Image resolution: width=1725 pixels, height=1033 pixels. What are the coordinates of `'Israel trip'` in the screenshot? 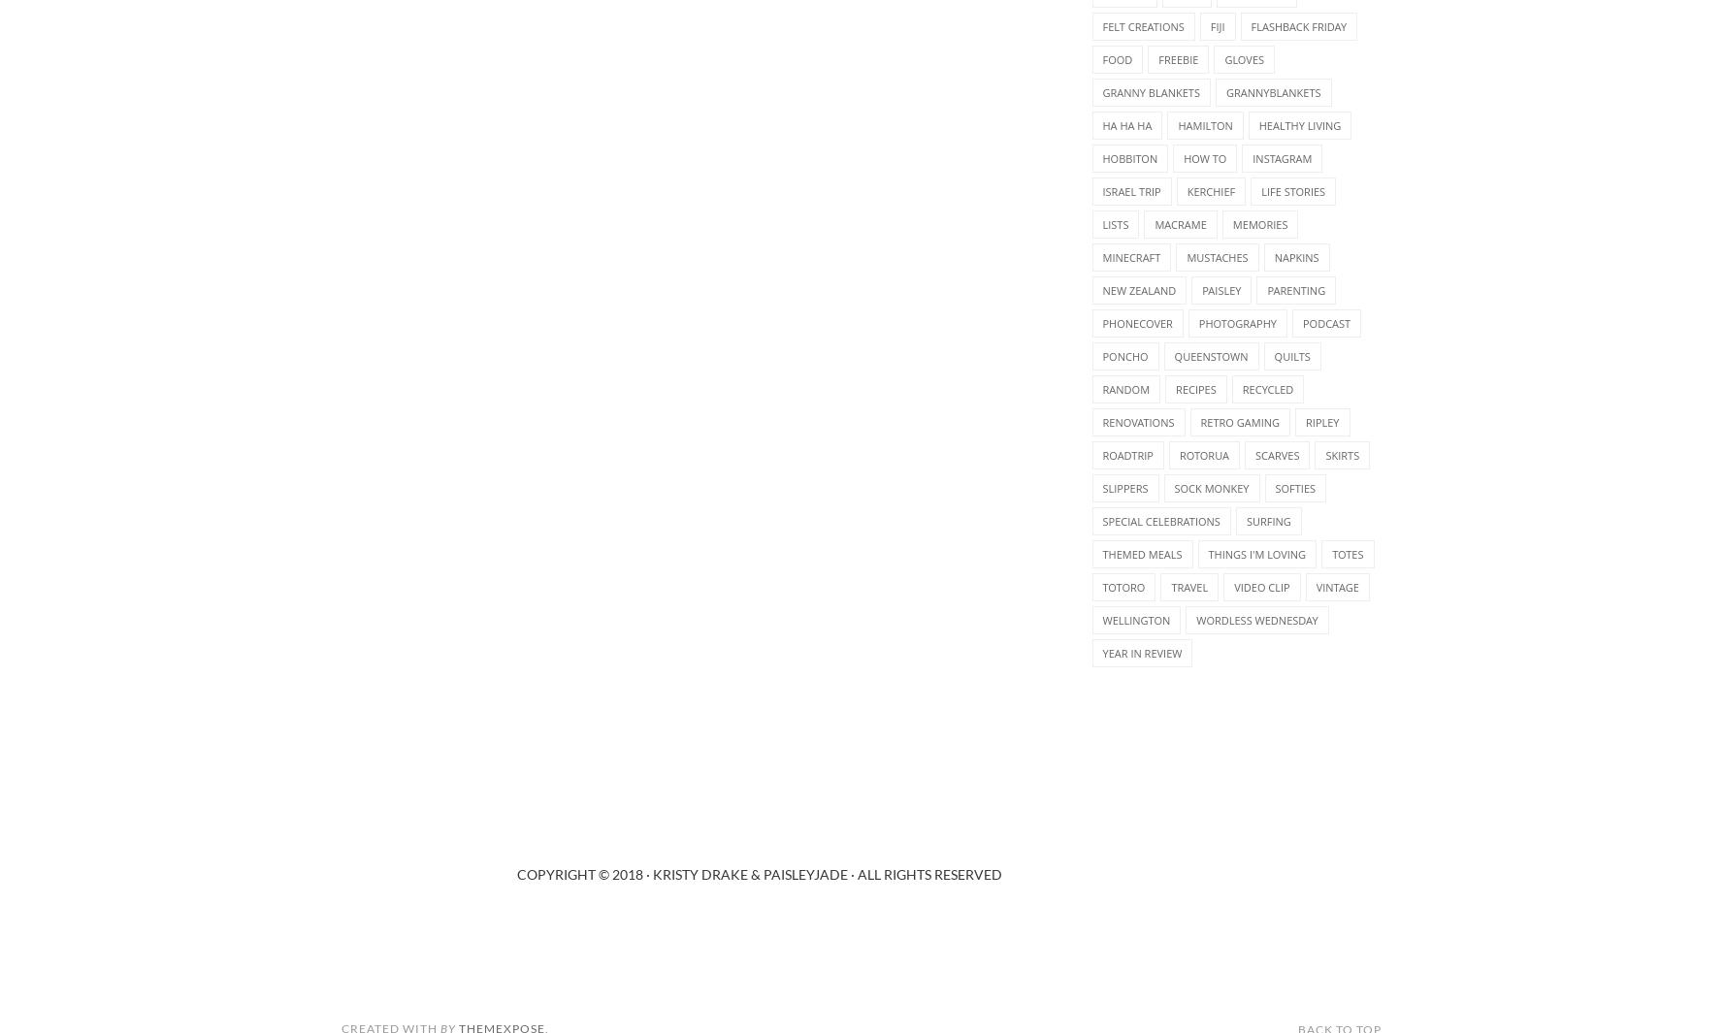 It's located at (1131, 190).